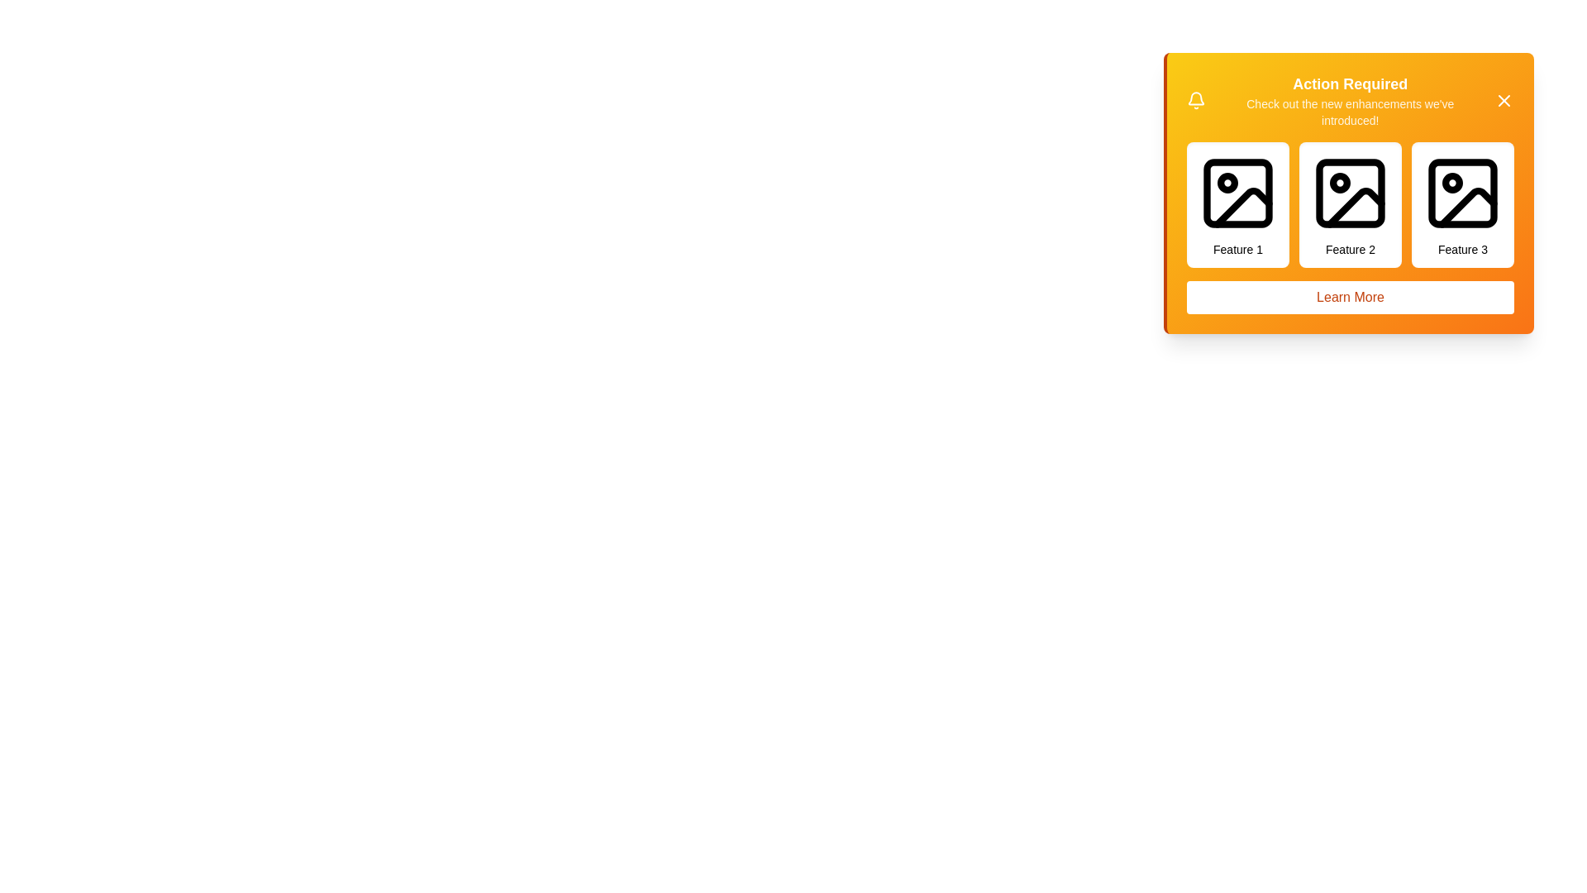  Describe the element at coordinates (1463, 203) in the screenshot. I see `the 'Feature 3' element to inspect its details` at that location.